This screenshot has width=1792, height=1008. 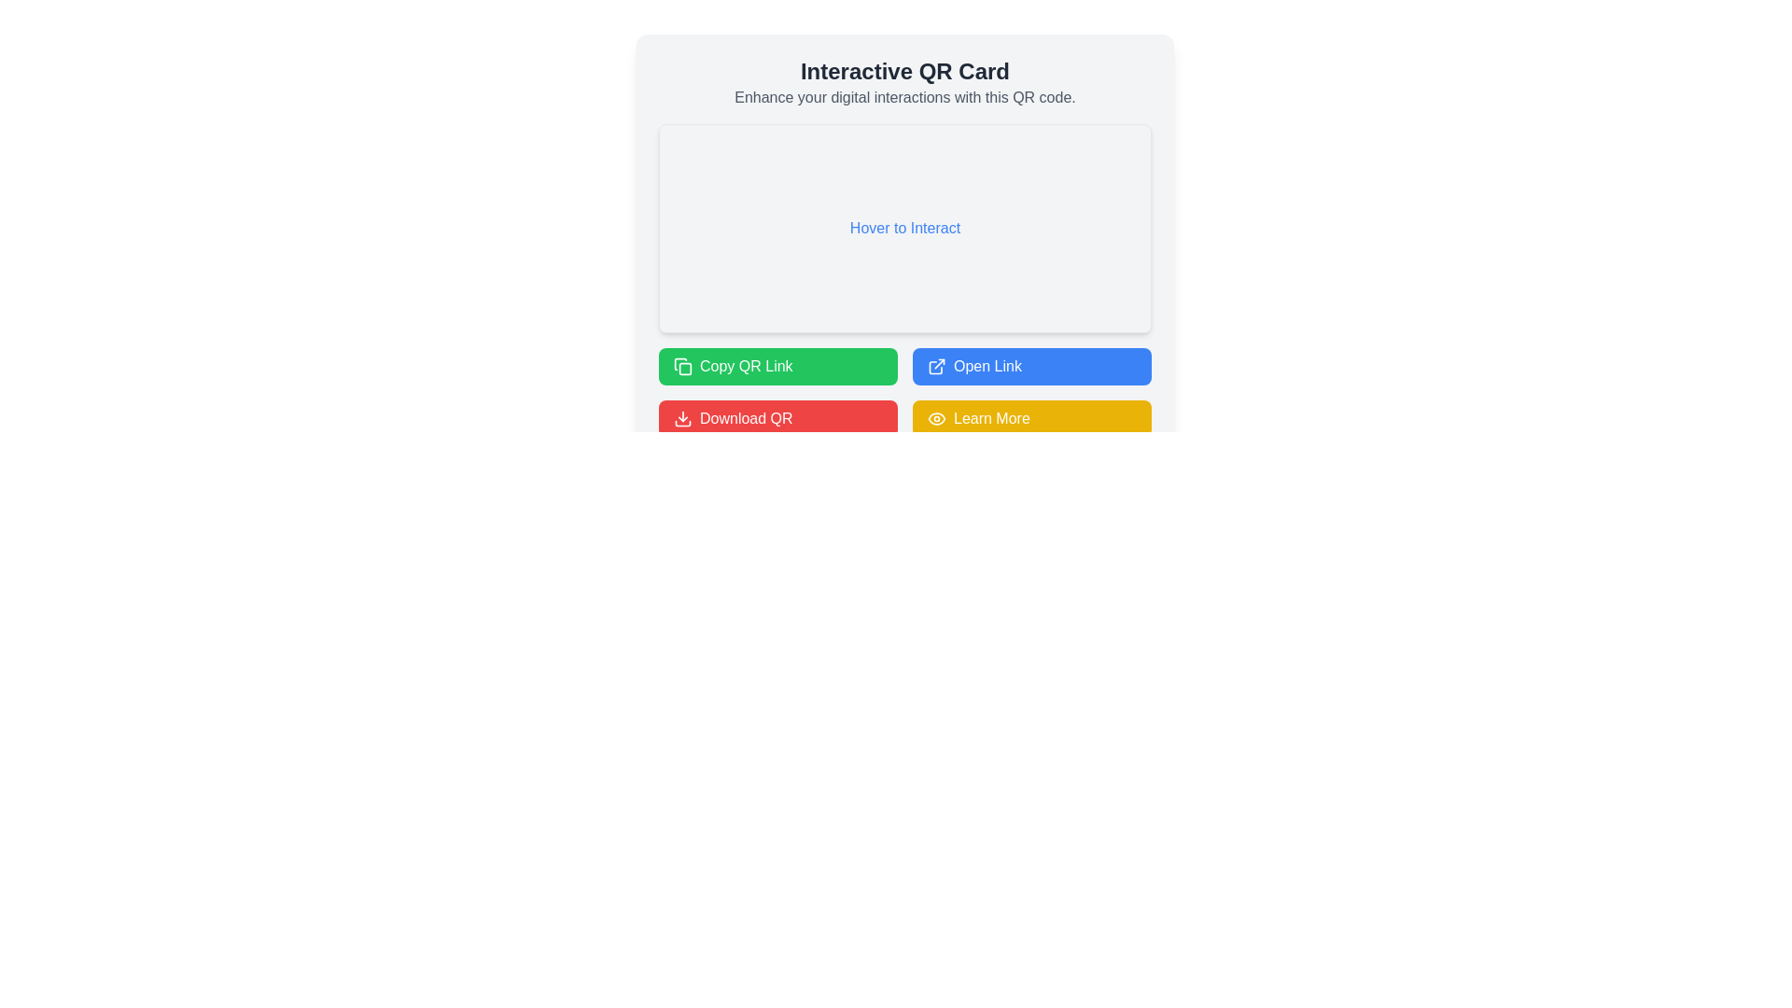 I want to click on the green button labeled 'Copy QR Link' with a copy icon on its left, so click(x=778, y=367).